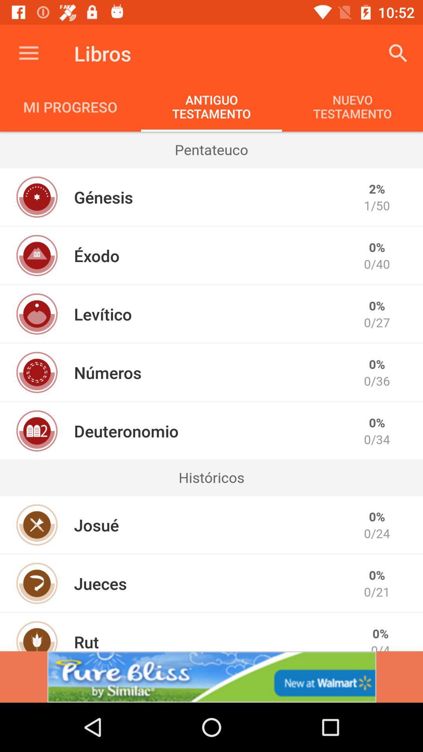 The height and width of the screenshot is (752, 423). Describe the element at coordinates (96, 525) in the screenshot. I see `the item to the left of 0/24 item` at that location.